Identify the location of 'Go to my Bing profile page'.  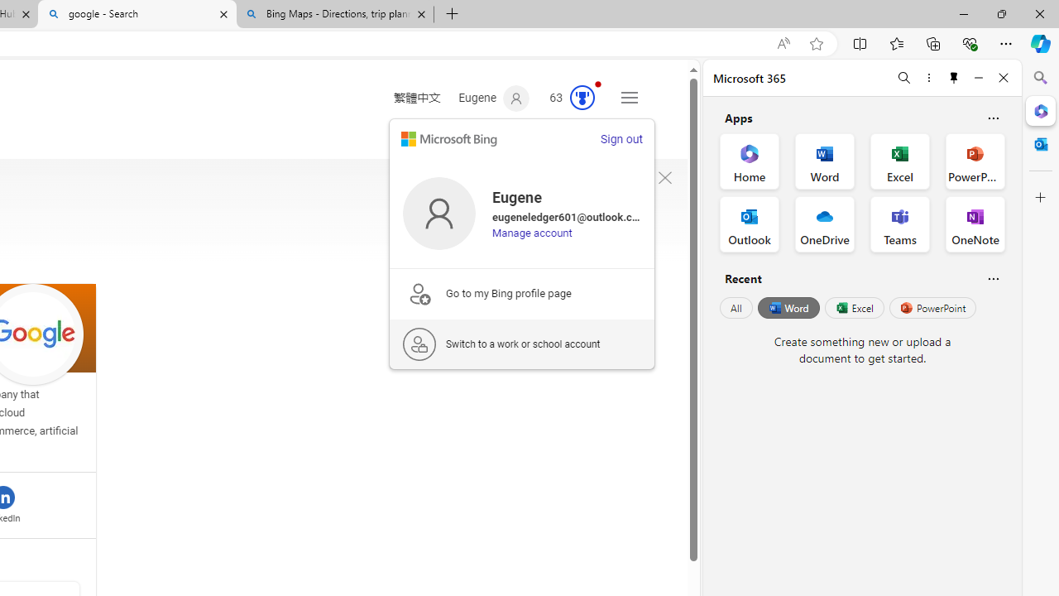
(521, 292).